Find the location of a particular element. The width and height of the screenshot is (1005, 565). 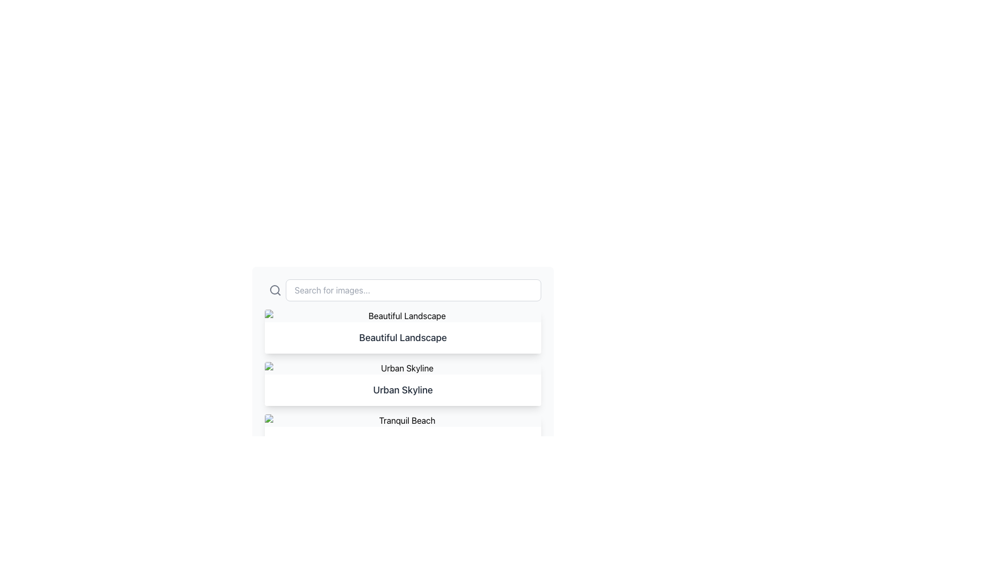

the image placeholder displaying a missing image icon for 'Beautiful Landscape' is located at coordinates (402, 315).